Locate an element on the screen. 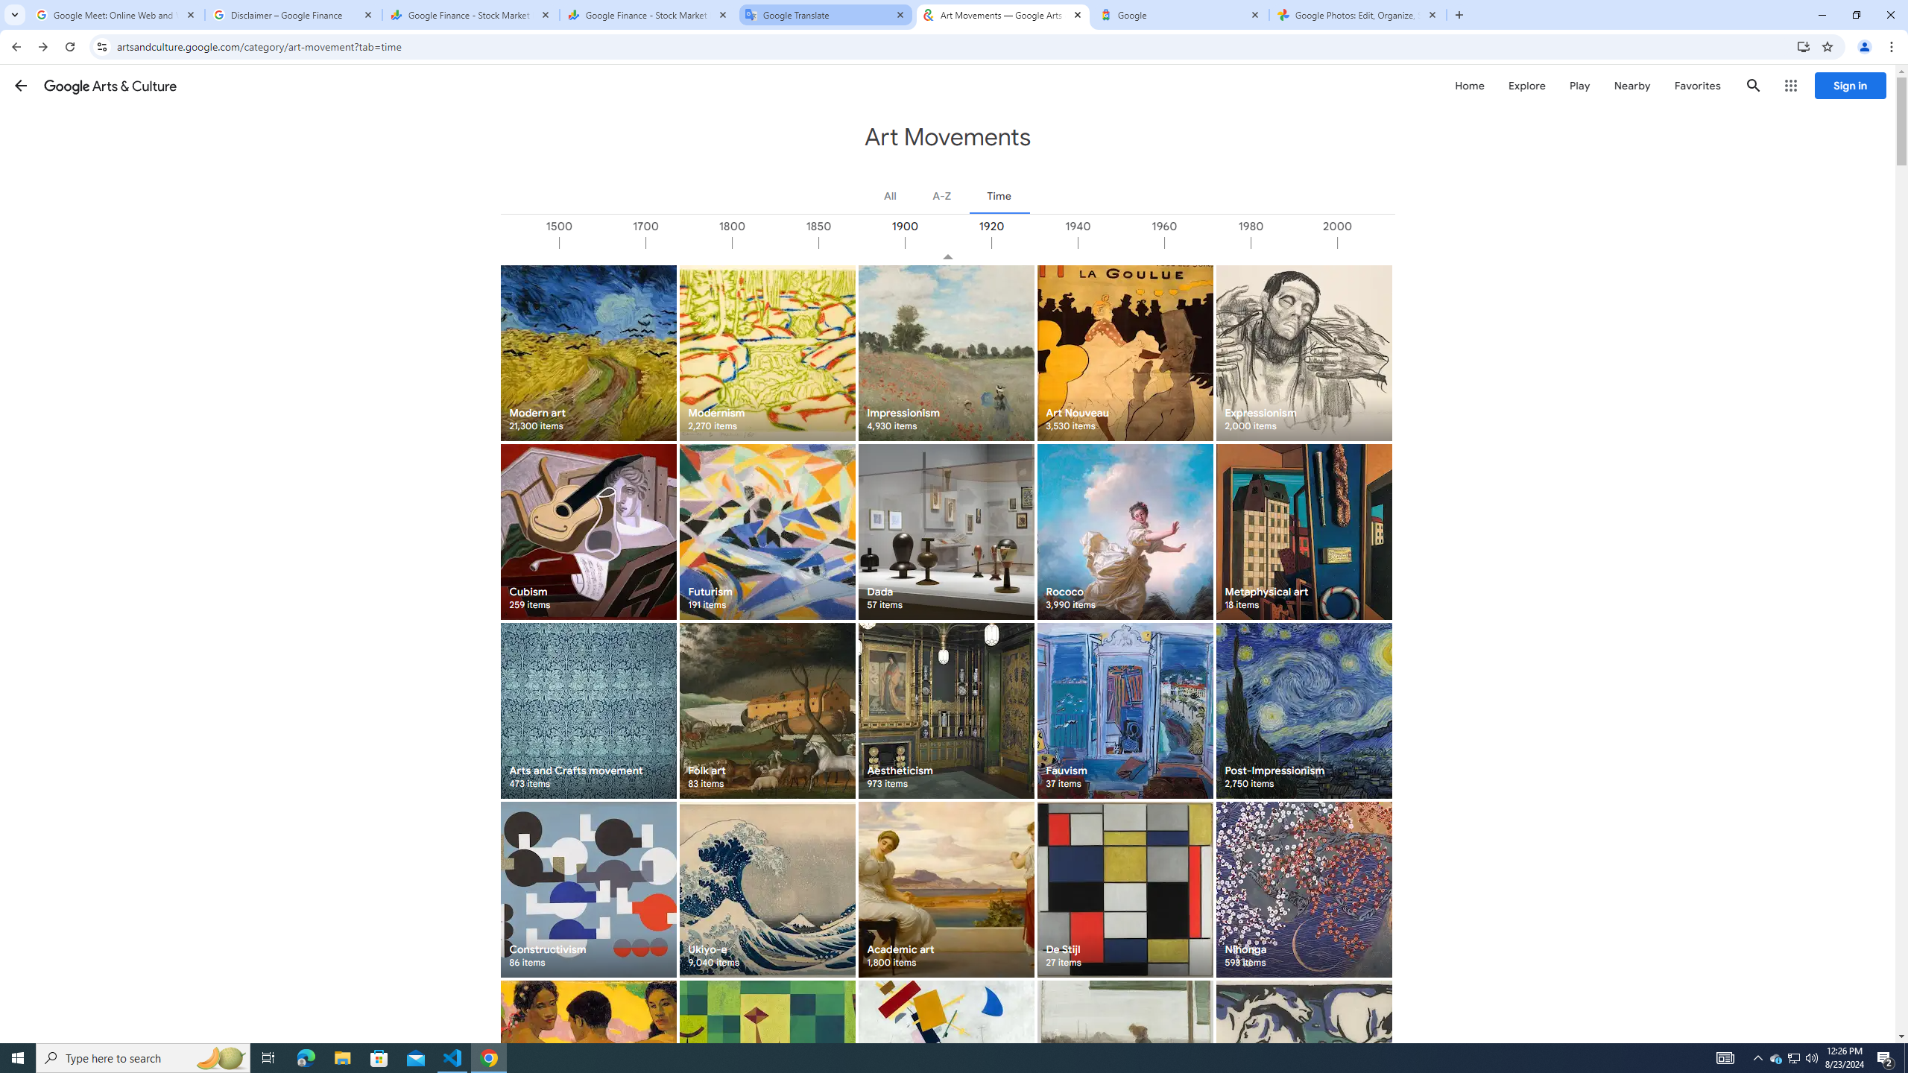  'All' is located at coordinates (890, 194).